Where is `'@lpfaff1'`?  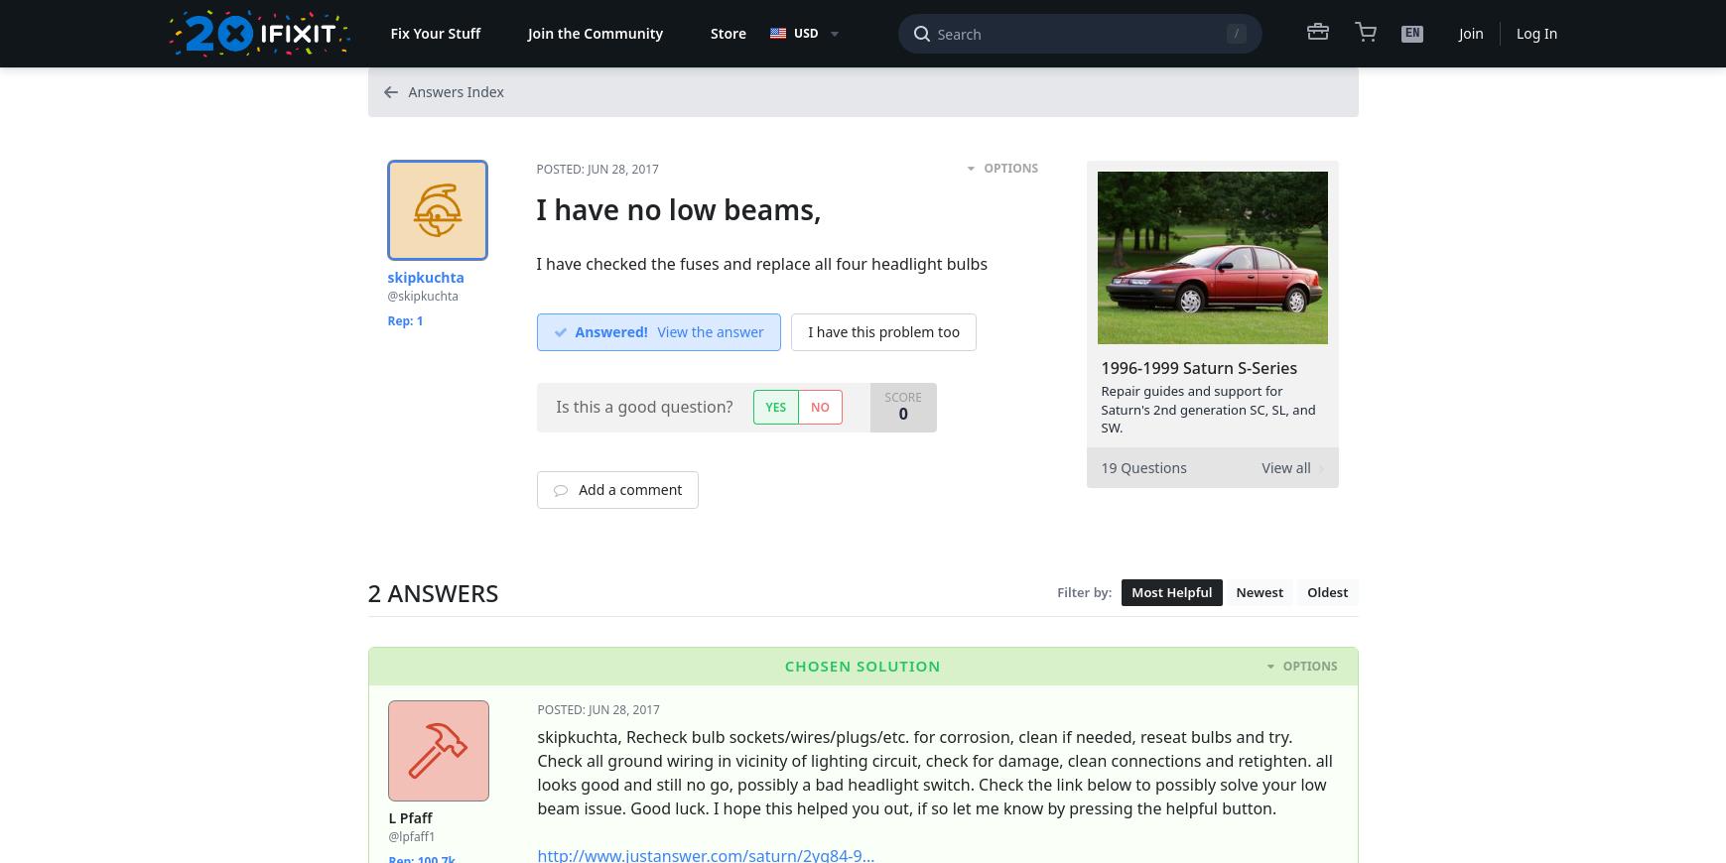
'@lpfaff1' is located at coordinates (411, 836).